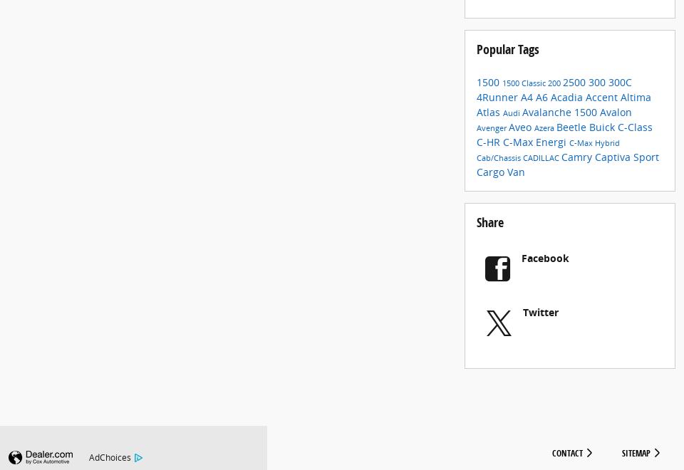 The height and width of the screenshot is (470, 684). What do you see at coordinates (544, 138) in the screenshot?
I see `'Azera'` at bounding box center [544, 138].